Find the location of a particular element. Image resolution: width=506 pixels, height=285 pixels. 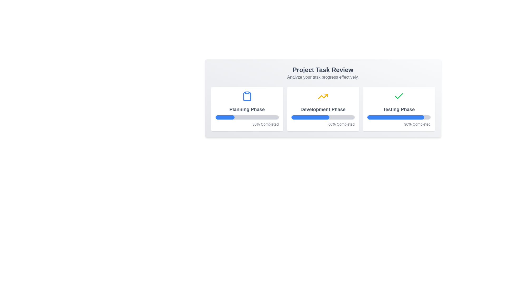

text label indicating the 'Planning Phase' located in the leftmost card of the task progress tracker, positioned below the icon and above the progress bar is located at coordinates (247, 109).